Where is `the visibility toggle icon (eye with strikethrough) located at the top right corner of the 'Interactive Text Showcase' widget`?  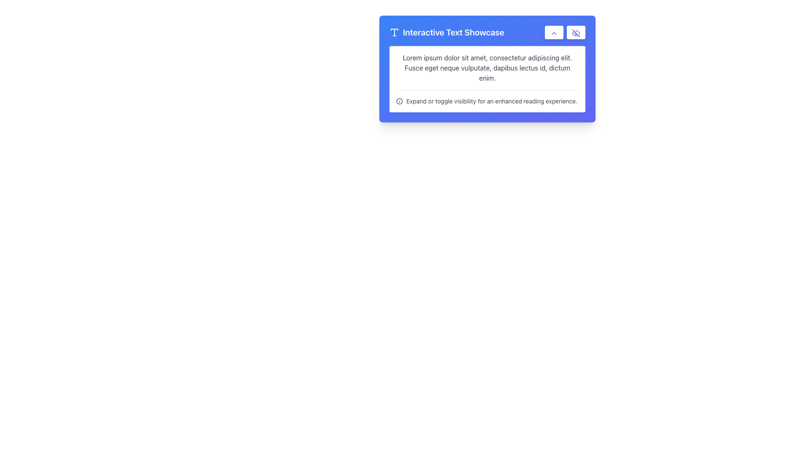
the visibility toggle icon (eye with strikethrough) located at the top right corner of the 'Interactive Text Showcase' widget is located at coordinates (575, 32).